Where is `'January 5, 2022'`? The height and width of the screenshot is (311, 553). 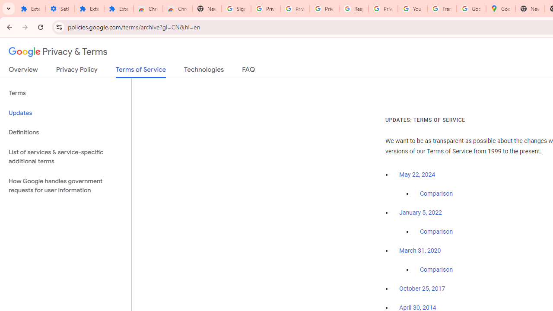 'January 5, 2022' is located at coordinates (420, 213).